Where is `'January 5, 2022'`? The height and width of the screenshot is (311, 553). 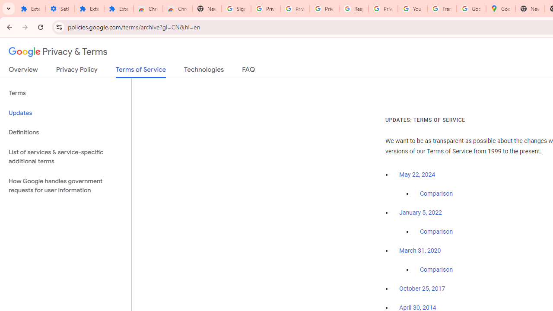 'January 5, 2022' is located at coordinates (420, 213).